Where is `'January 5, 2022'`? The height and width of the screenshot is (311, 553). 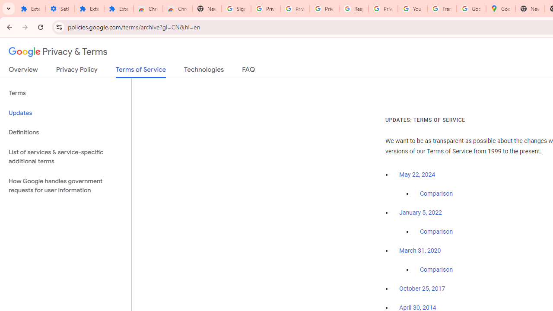 'January 5, 2022' is located at coordinates (420, 213).